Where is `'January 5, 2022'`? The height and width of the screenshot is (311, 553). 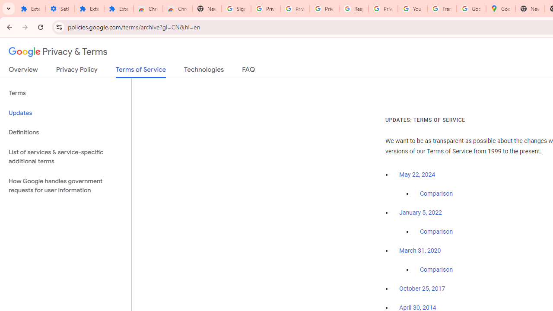 'January 5, 2022' is located at coordinates (420, 213).